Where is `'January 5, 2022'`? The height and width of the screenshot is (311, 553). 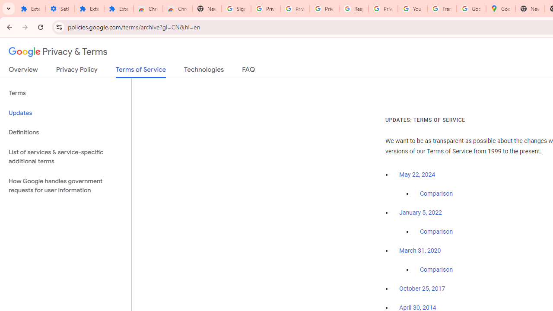 'January 5, 2022' is located at coordinates (420, 213).